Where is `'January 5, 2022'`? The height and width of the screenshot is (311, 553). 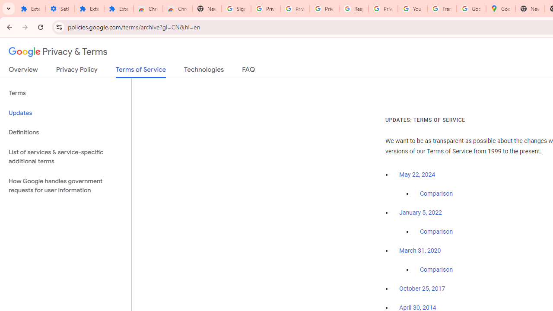 'January 5, 2022' is located at coordinates (420, 213).